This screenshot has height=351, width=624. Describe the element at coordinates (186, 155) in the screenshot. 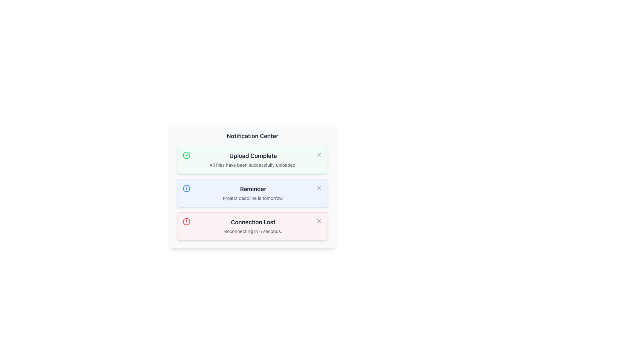

I see `the circular green check mark icon located to the far left of the 'Upload Complete' notification bar` at that location.